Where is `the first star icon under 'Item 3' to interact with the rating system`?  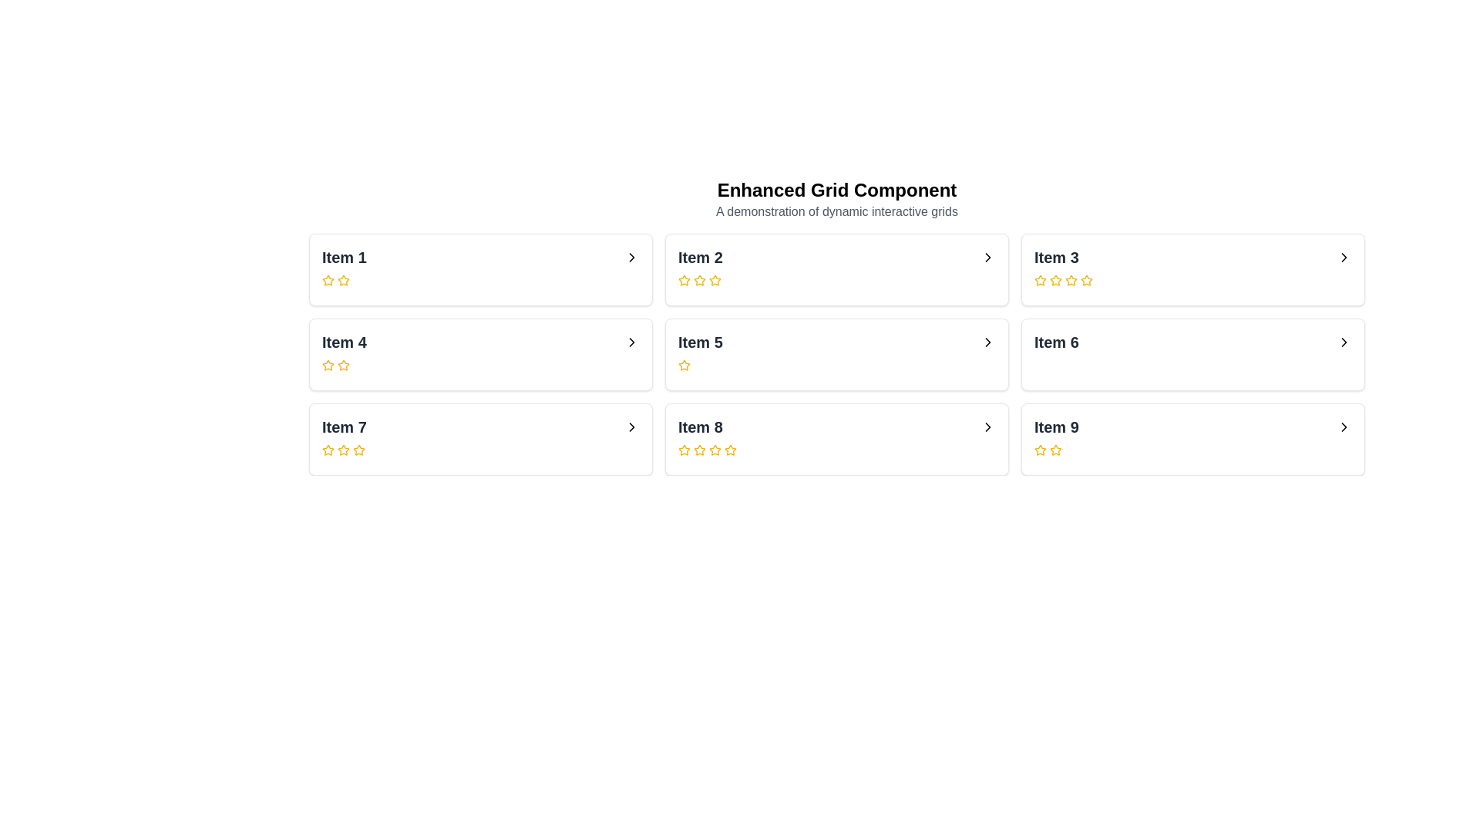
the first star icon under 'Item 3' to interact with the rating system is located at coordinates (1040, 280).